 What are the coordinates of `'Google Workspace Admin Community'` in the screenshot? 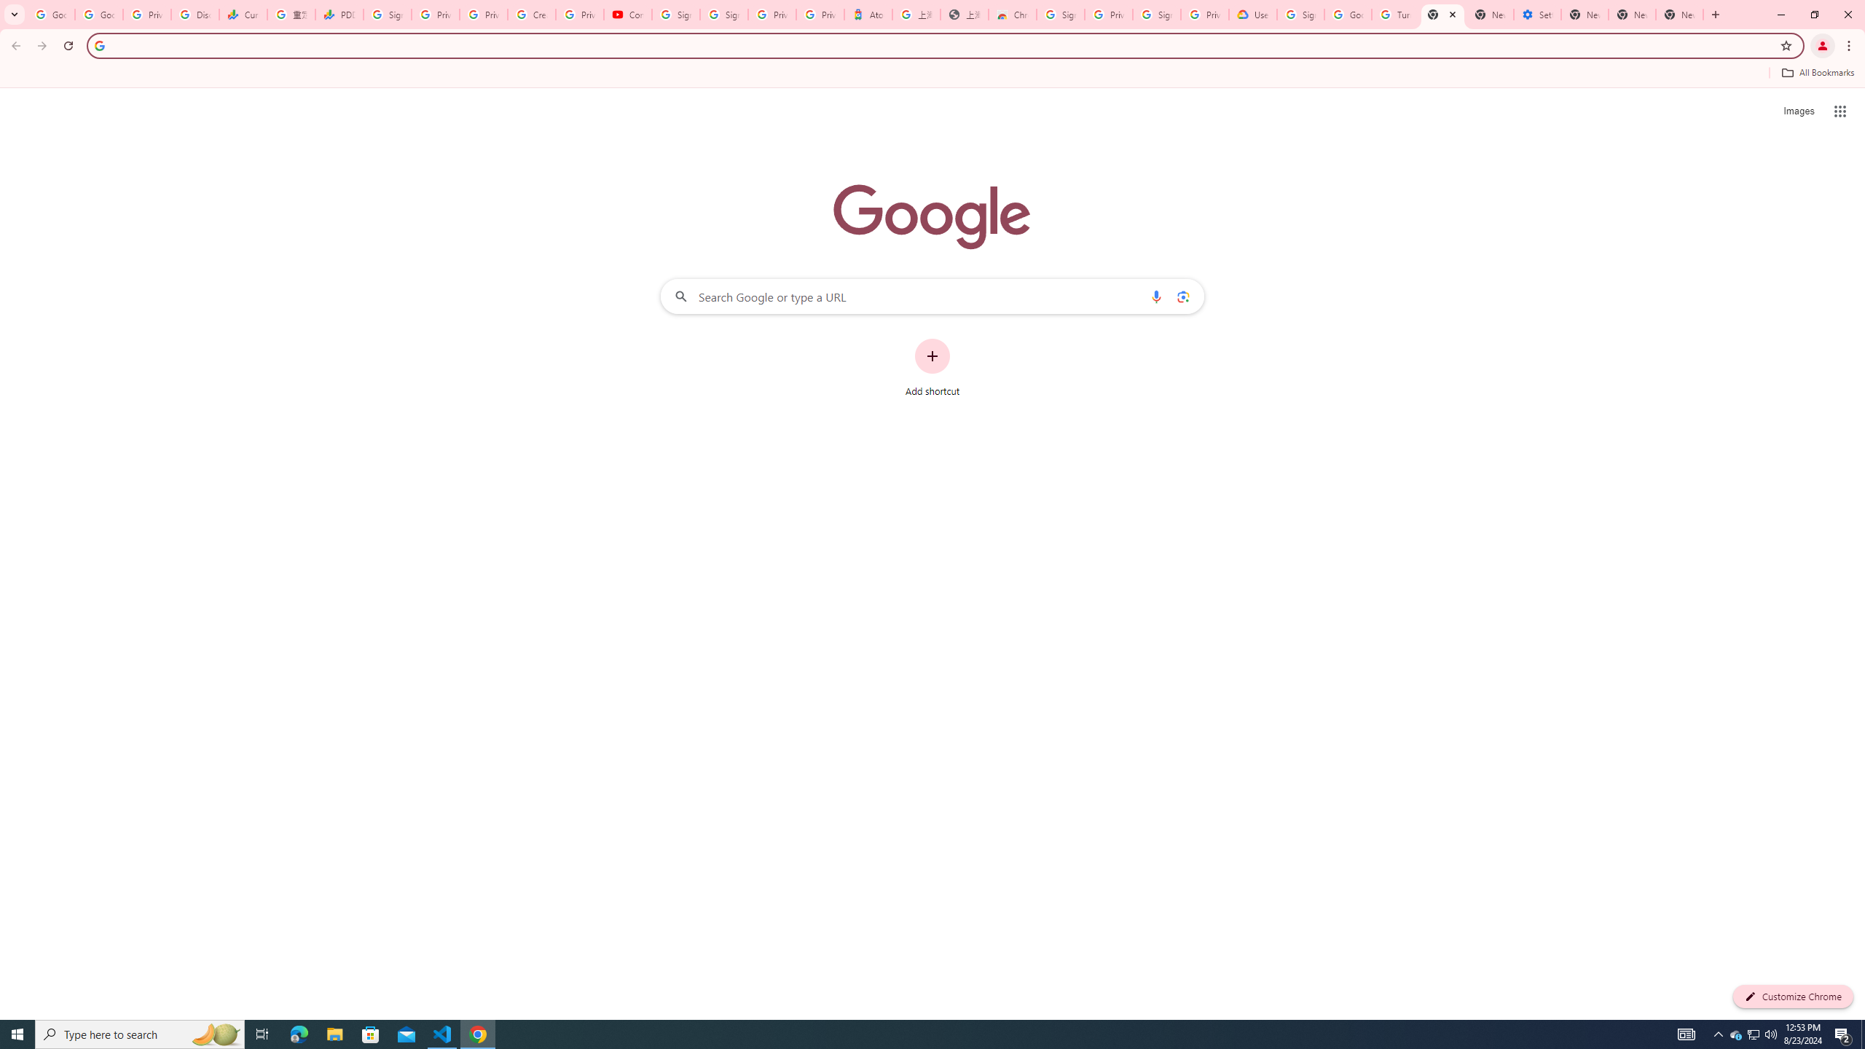 It's located at (50, 14).